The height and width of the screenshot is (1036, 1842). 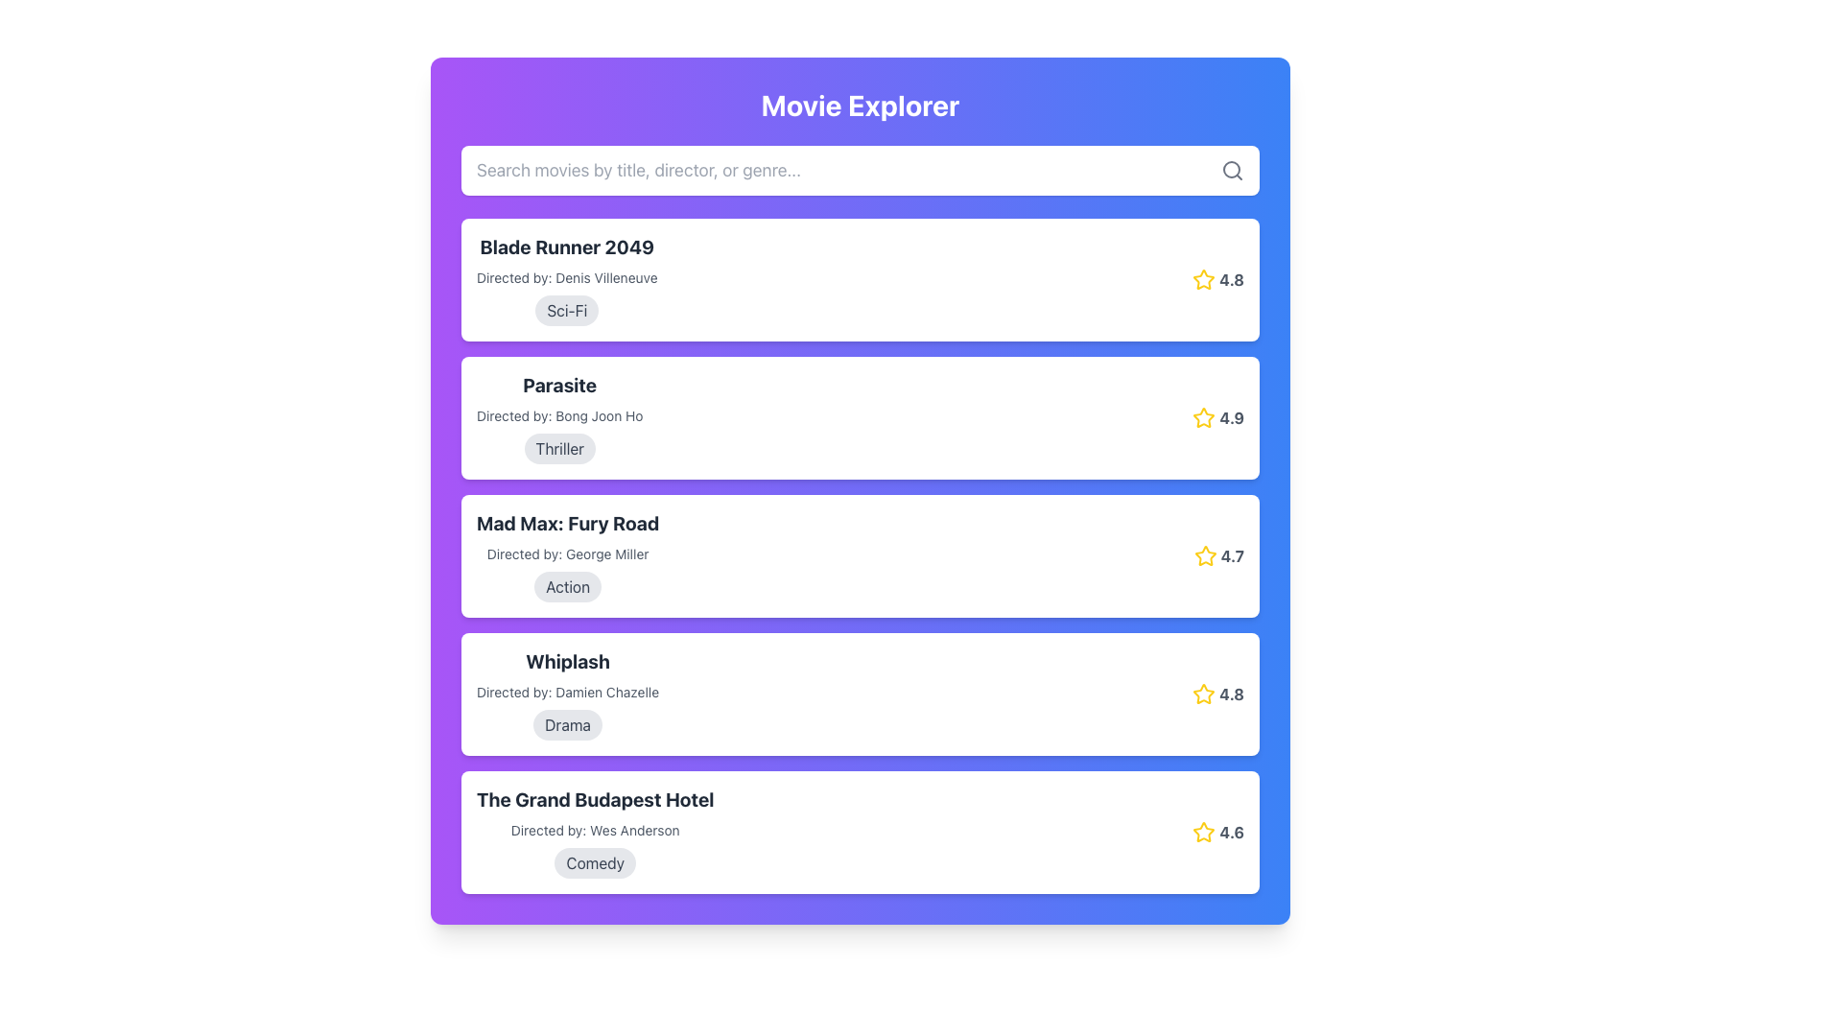 What do you see at coordinates (558, 448) in the screenshot?
I see `the 'Thriller' genre tag text label located in the 'Parasite' movie card, which is the second card in the movie list` at bounding box center [558, 448].